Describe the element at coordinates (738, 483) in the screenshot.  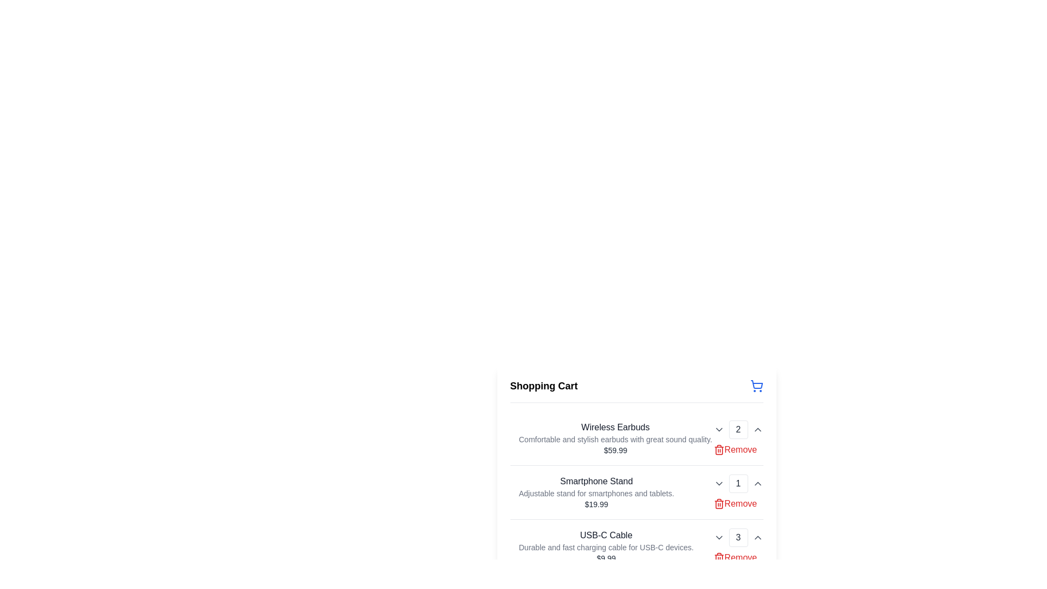
I see `the Numeric display box that shows the quantity of items in the 'Smartphone Stand' section of the shopping cart` at that location.